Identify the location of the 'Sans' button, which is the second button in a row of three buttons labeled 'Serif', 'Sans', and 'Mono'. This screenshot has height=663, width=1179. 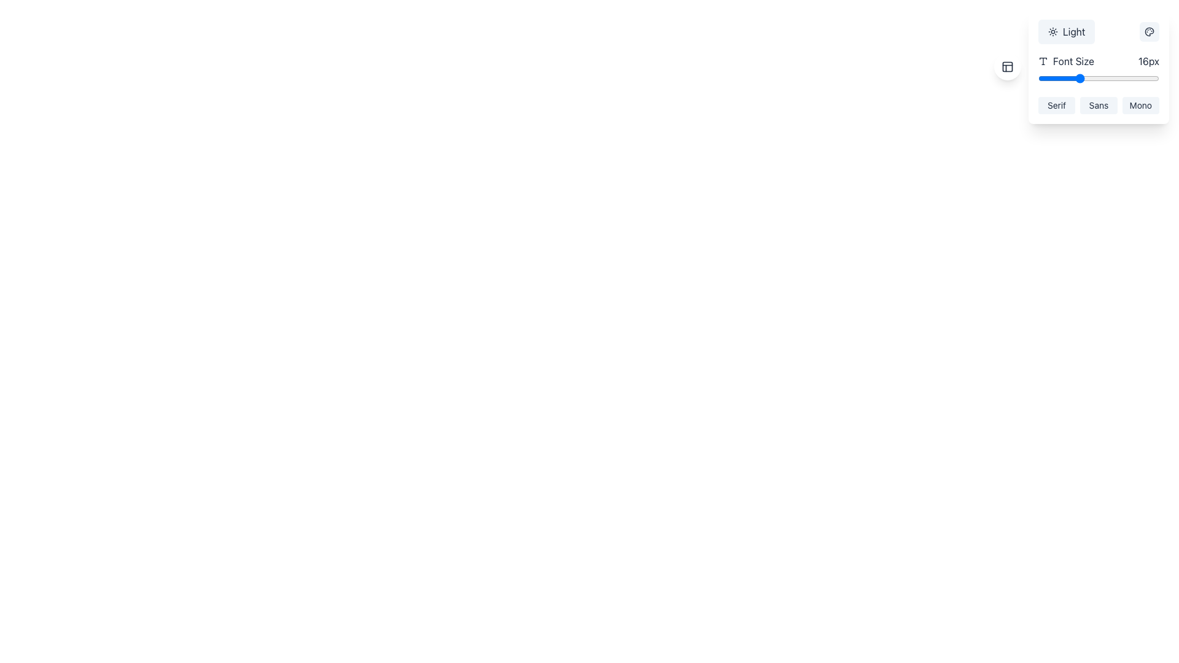
(1099, 105).